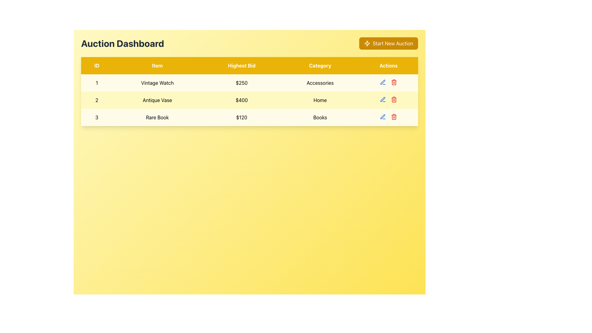 The height and width of the screenshot is (333, 592). Describe the element at coordinates (394, 82) in the screenshot. I see `the inner outline of the trashcan icon located in the 'Actions' column of the last row of the displayed table` at that location.